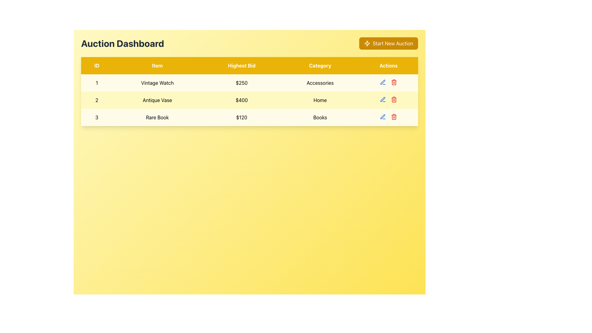 The height and width of the screenshot is (333, 592). Describe the element at coordinates (394, 82) in the screenshot. I see `the inner outline of the trashcan icon located in the 'Actions' column of the last row of the displayed table` at that location.